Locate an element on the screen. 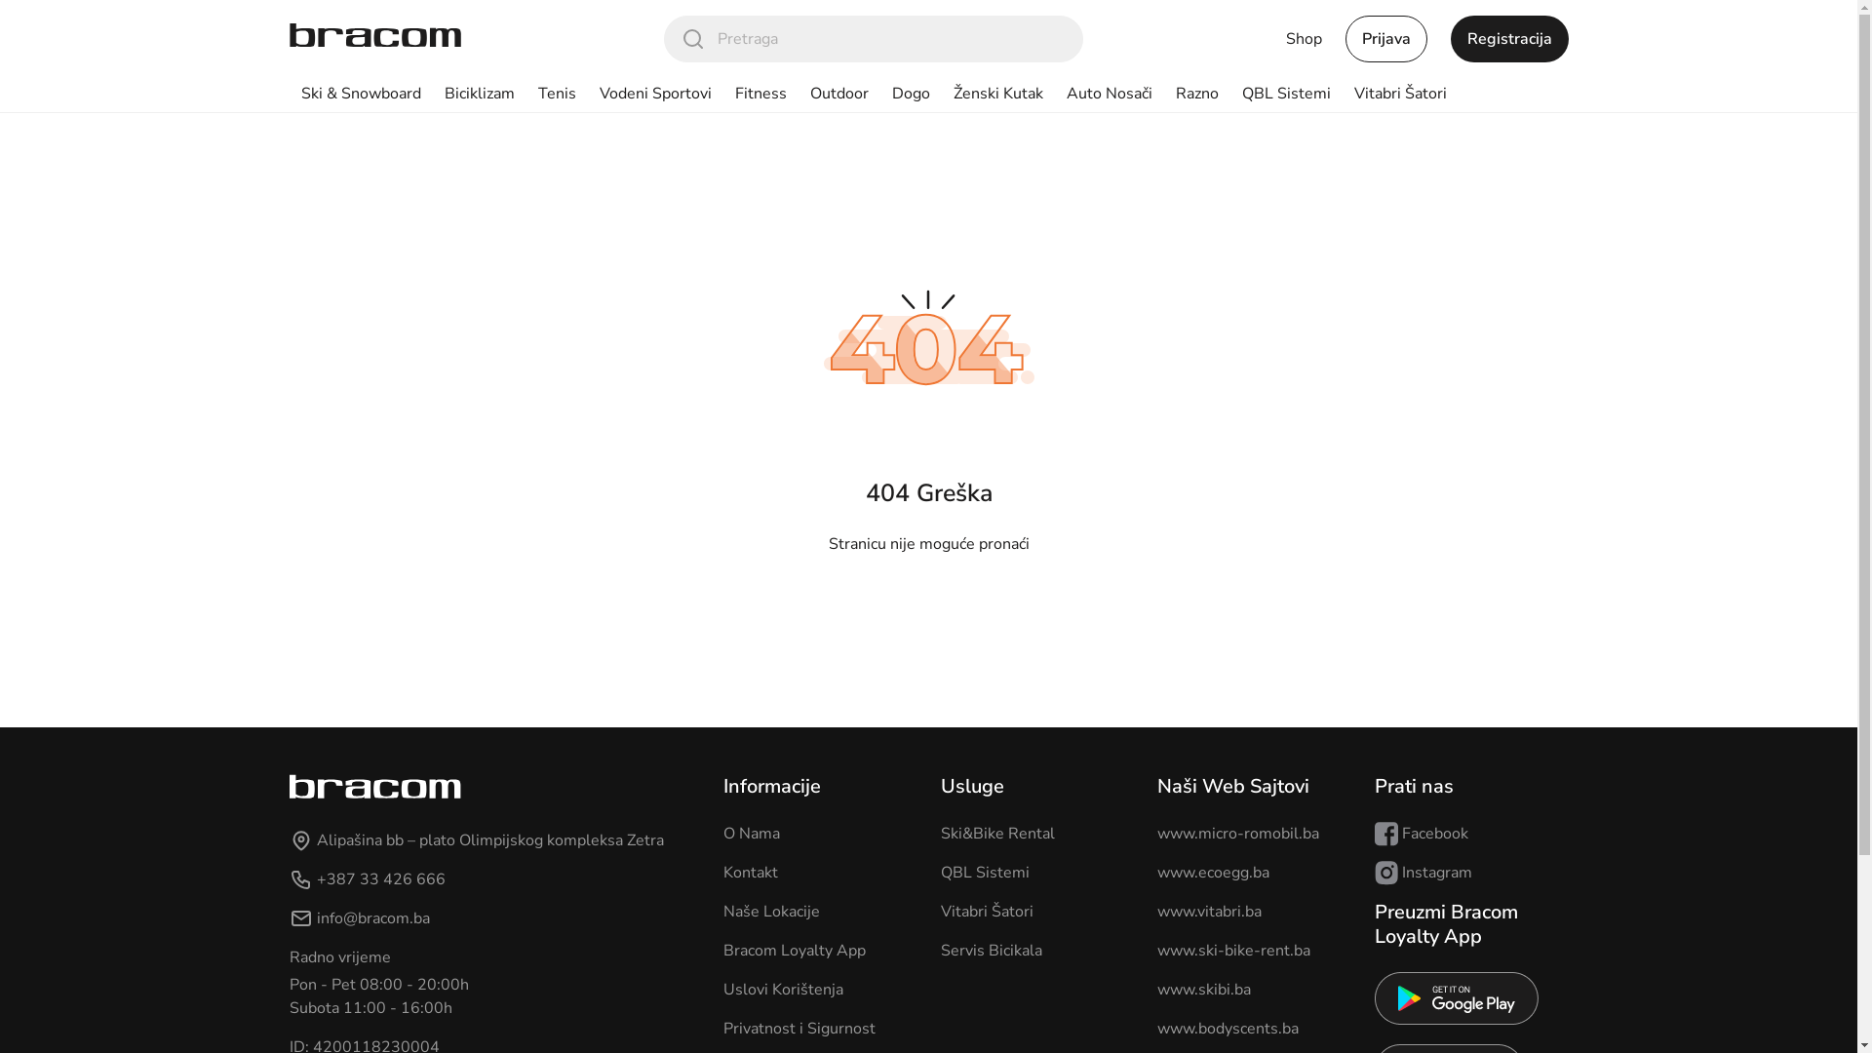 The width and height of the screenshot is (1872, 1053). 'www.skibi.ba' is located at coordinates (1202, 989).